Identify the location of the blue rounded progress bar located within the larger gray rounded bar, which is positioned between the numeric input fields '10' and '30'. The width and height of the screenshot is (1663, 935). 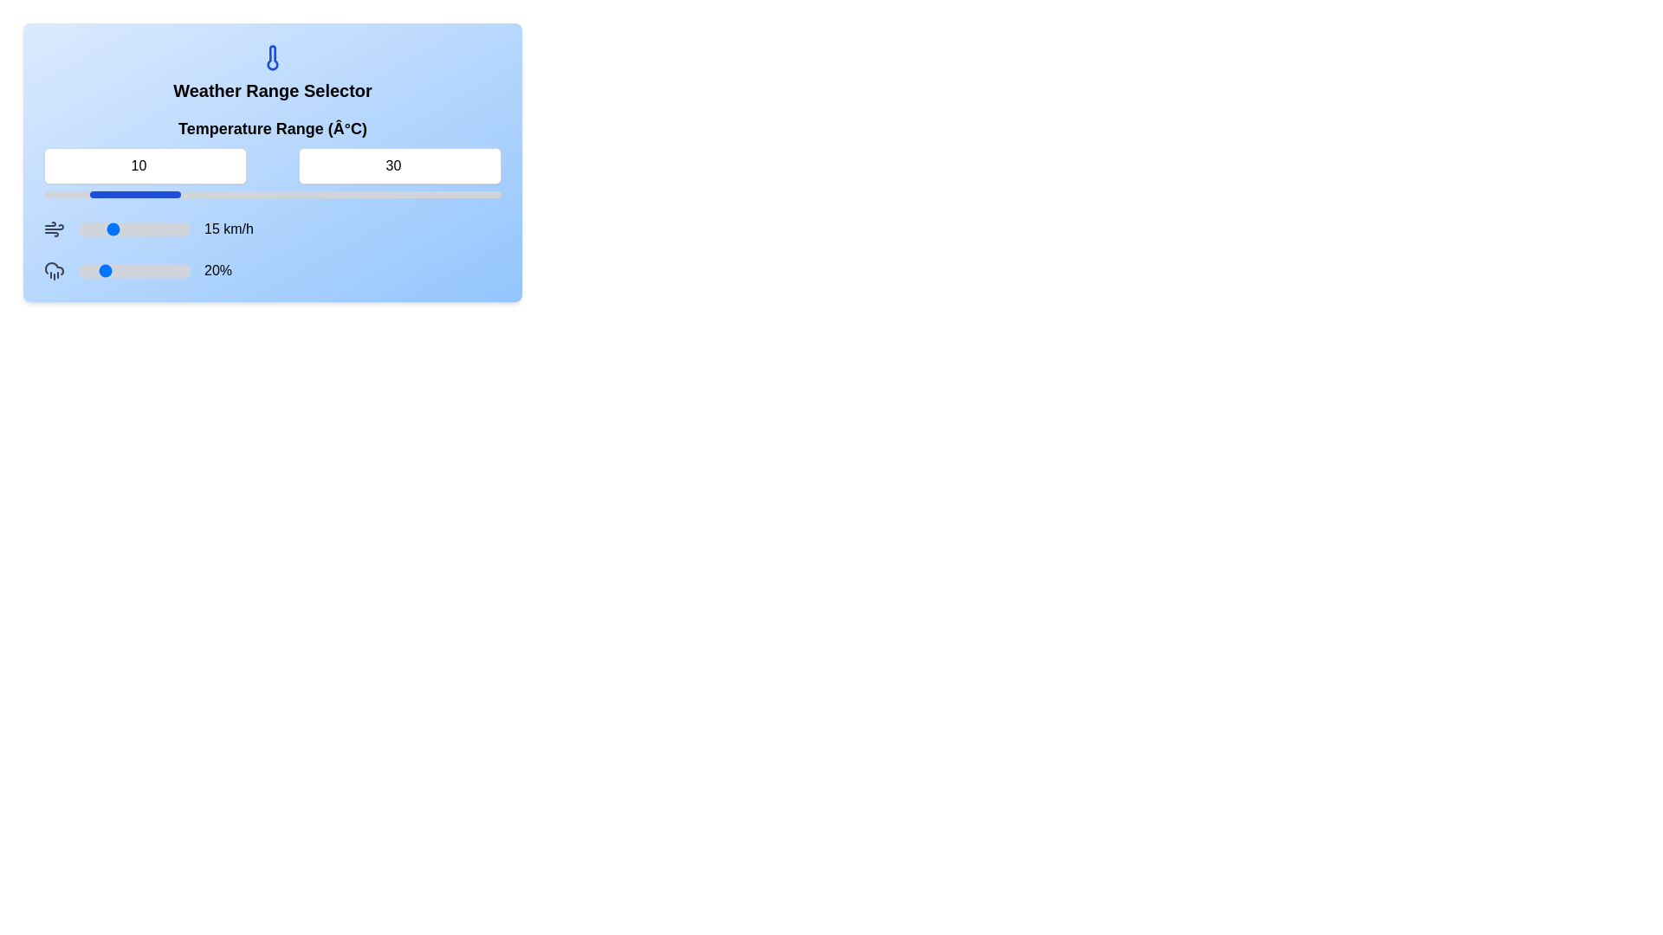
(134, 194).